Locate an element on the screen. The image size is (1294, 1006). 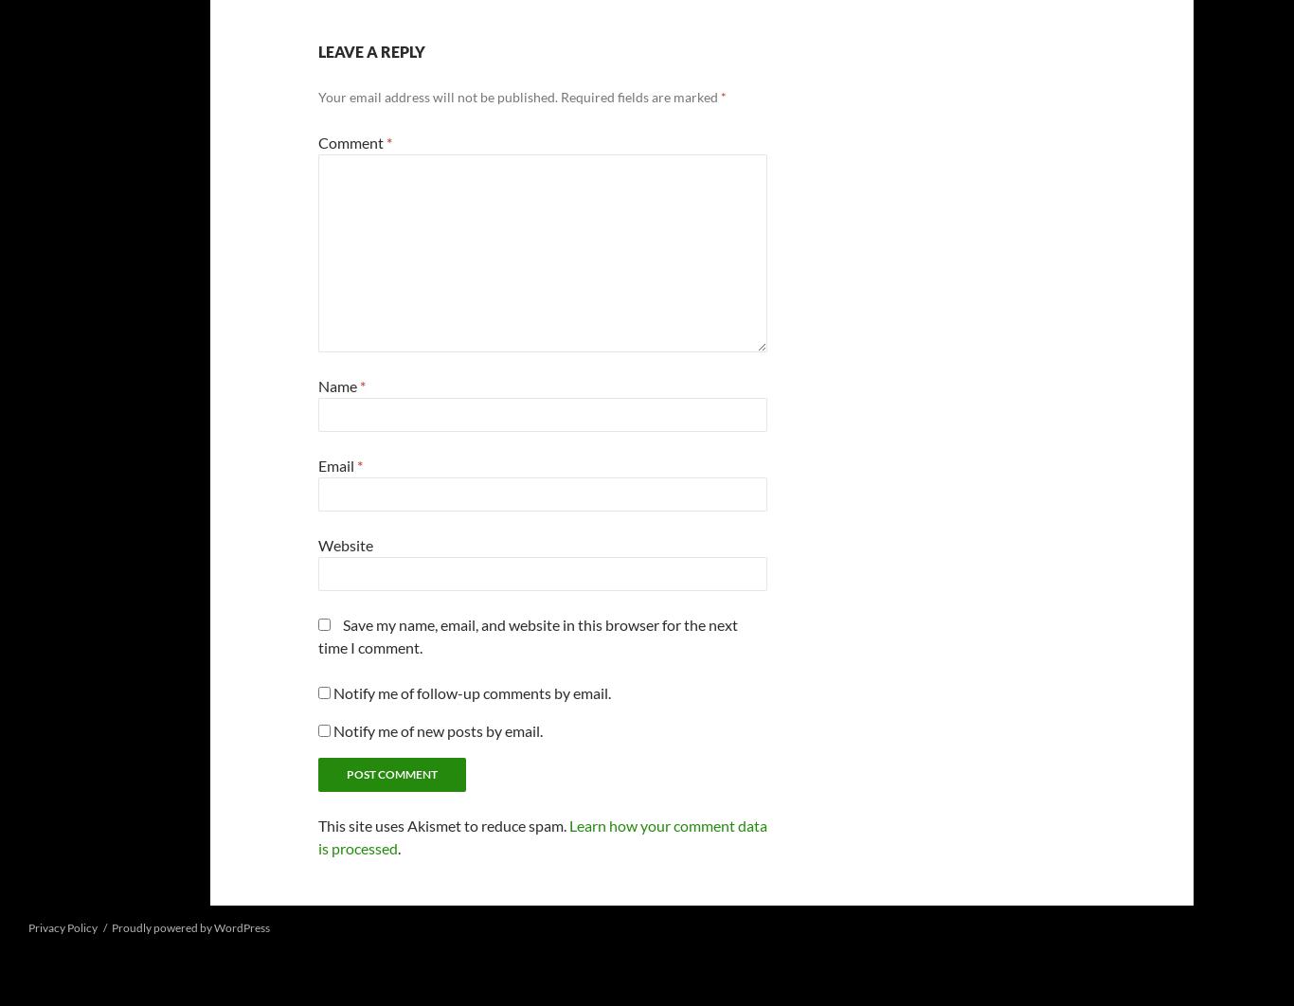
'Leave a Reply' is located at coordinates (370, 51).